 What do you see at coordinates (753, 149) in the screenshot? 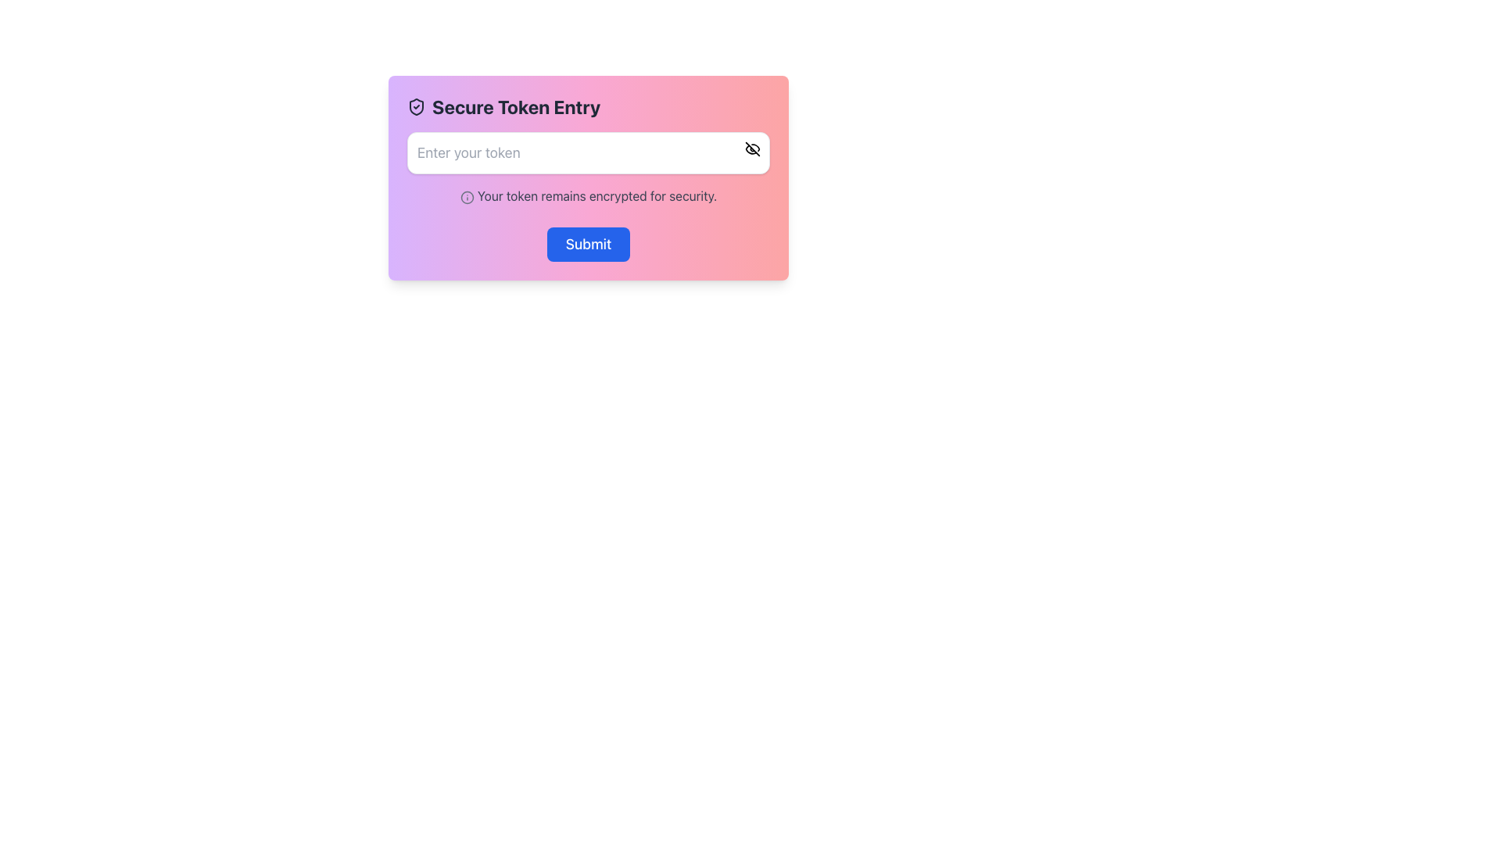
I see `the toggle button located at the top-right corner of the 'Enter your token' input field to switch the visibility of the entered token` at bounding box center [753, 149].